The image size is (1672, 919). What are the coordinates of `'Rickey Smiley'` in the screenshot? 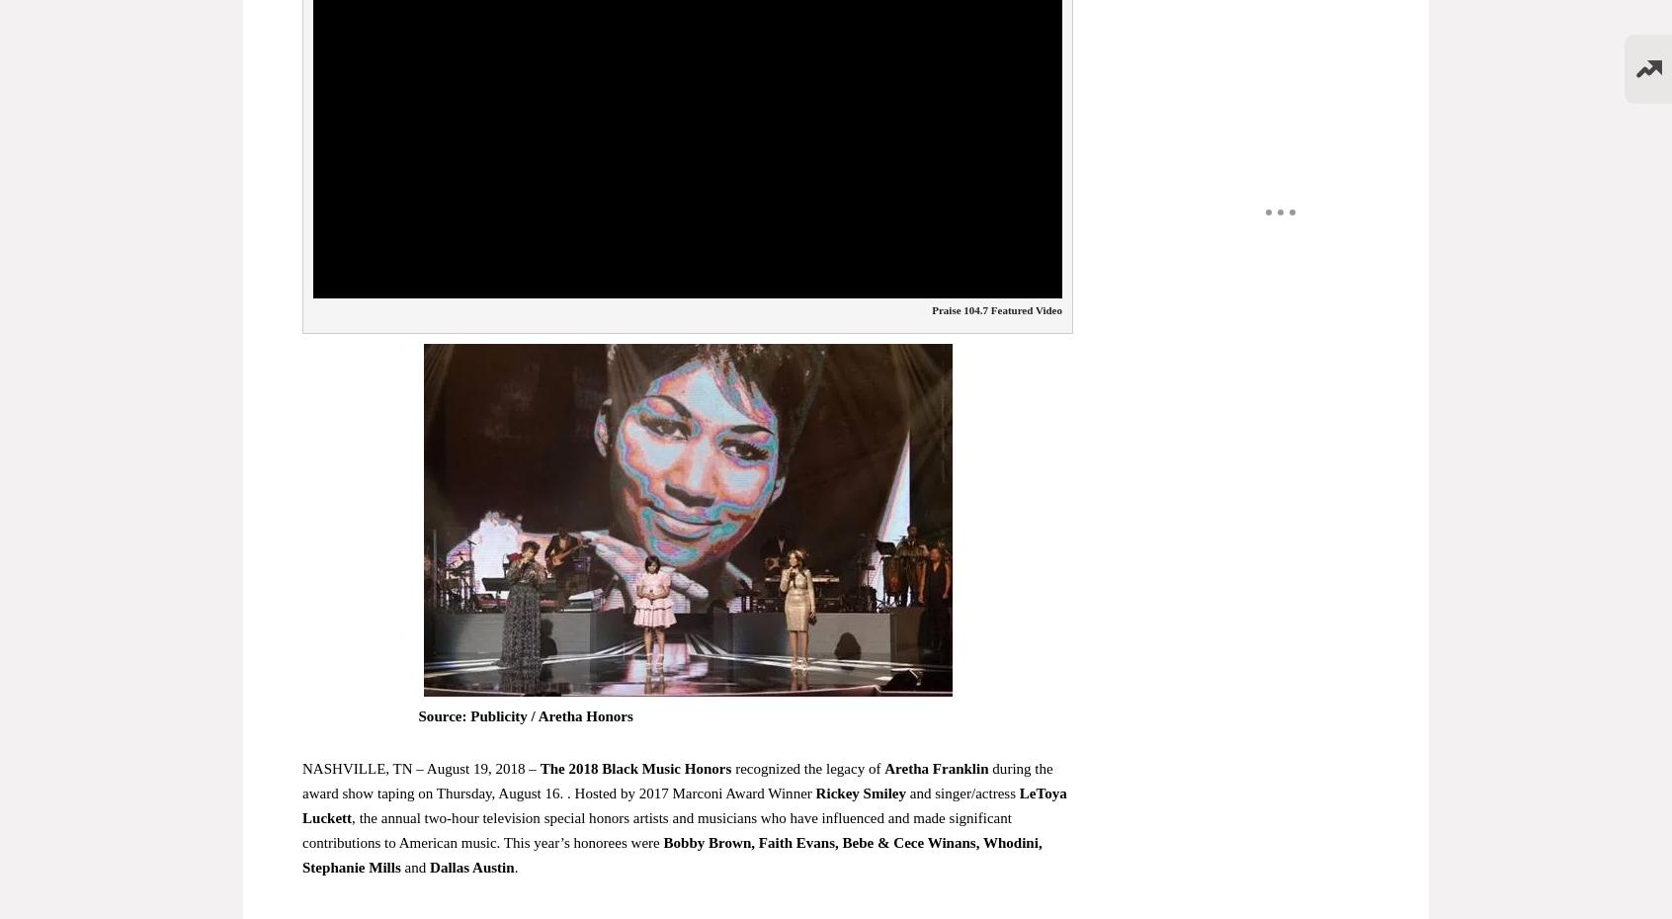 It's located at (860, 792).